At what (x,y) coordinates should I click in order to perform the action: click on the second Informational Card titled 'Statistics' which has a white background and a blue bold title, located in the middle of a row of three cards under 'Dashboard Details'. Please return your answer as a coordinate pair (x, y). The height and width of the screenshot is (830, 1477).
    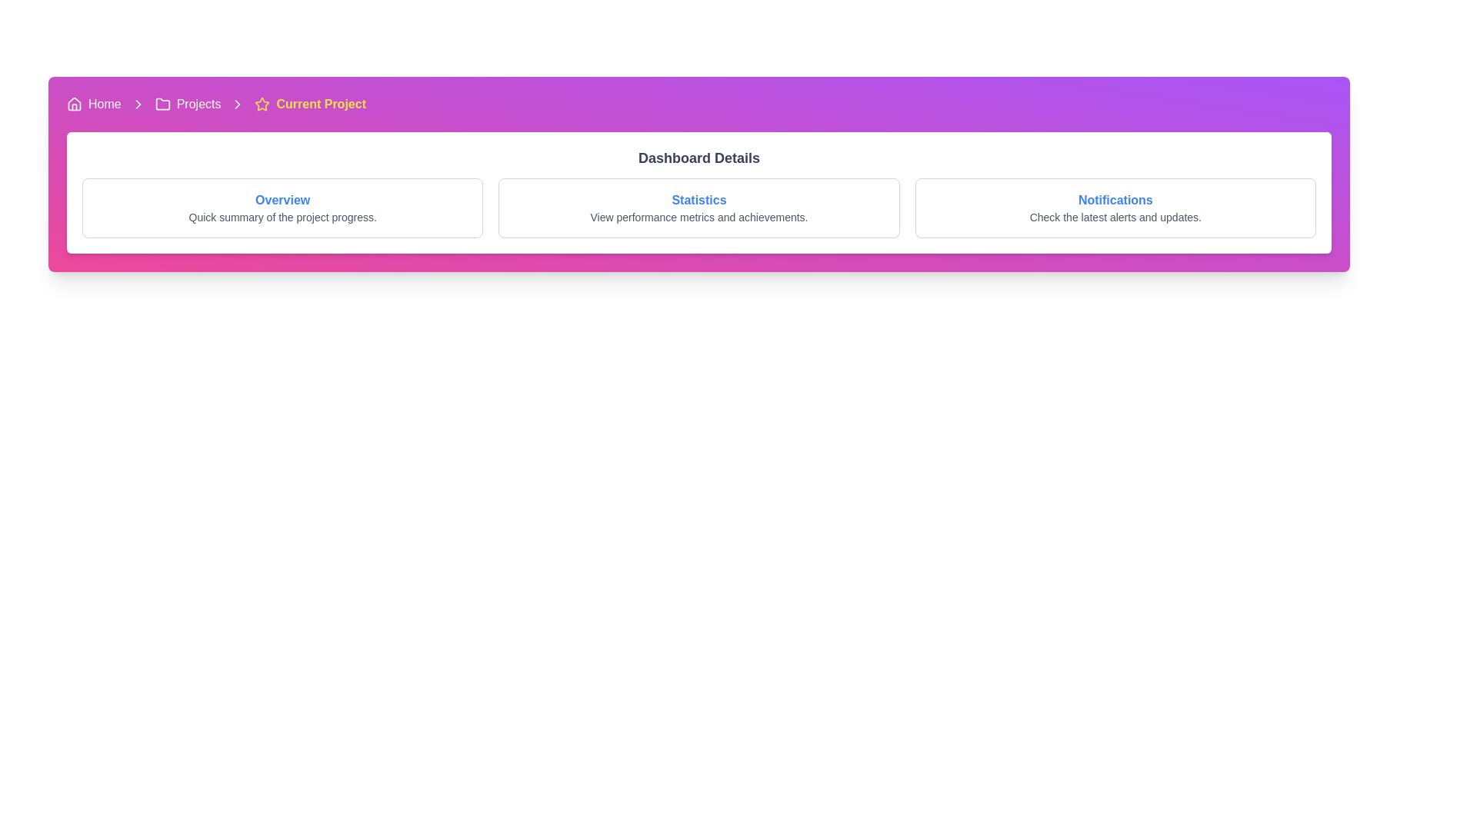
    Looking at the image, I should click on (698, 207).